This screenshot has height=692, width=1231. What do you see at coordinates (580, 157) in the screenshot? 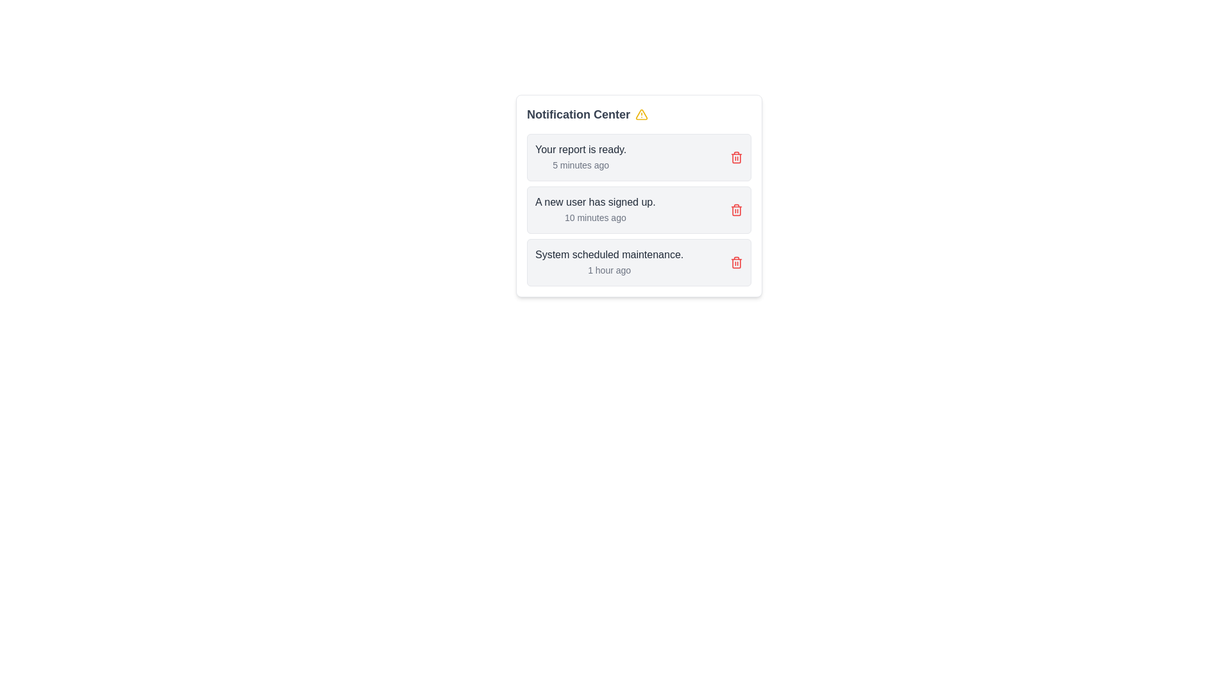
I see `the notification item that says 'Your report is ready.'` at bounding box center [580, 157].